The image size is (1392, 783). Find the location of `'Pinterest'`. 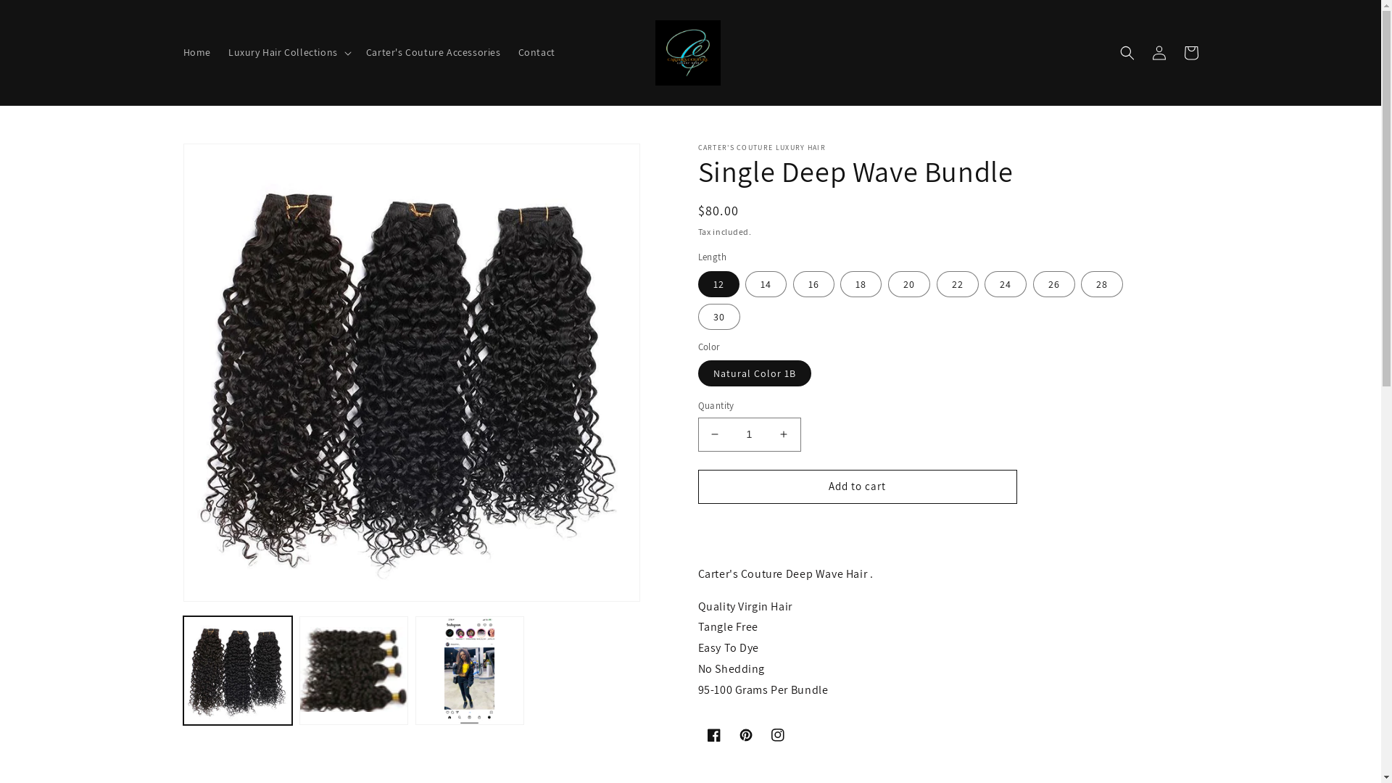

'Pinterest' is located at coordinates (729, 735).